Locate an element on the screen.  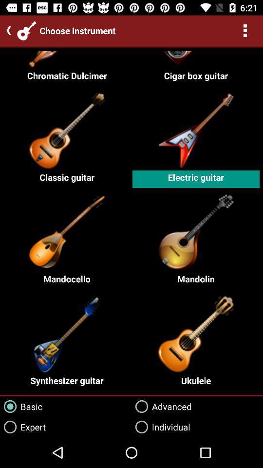
item below the basic is located at coordinates (23, 427).